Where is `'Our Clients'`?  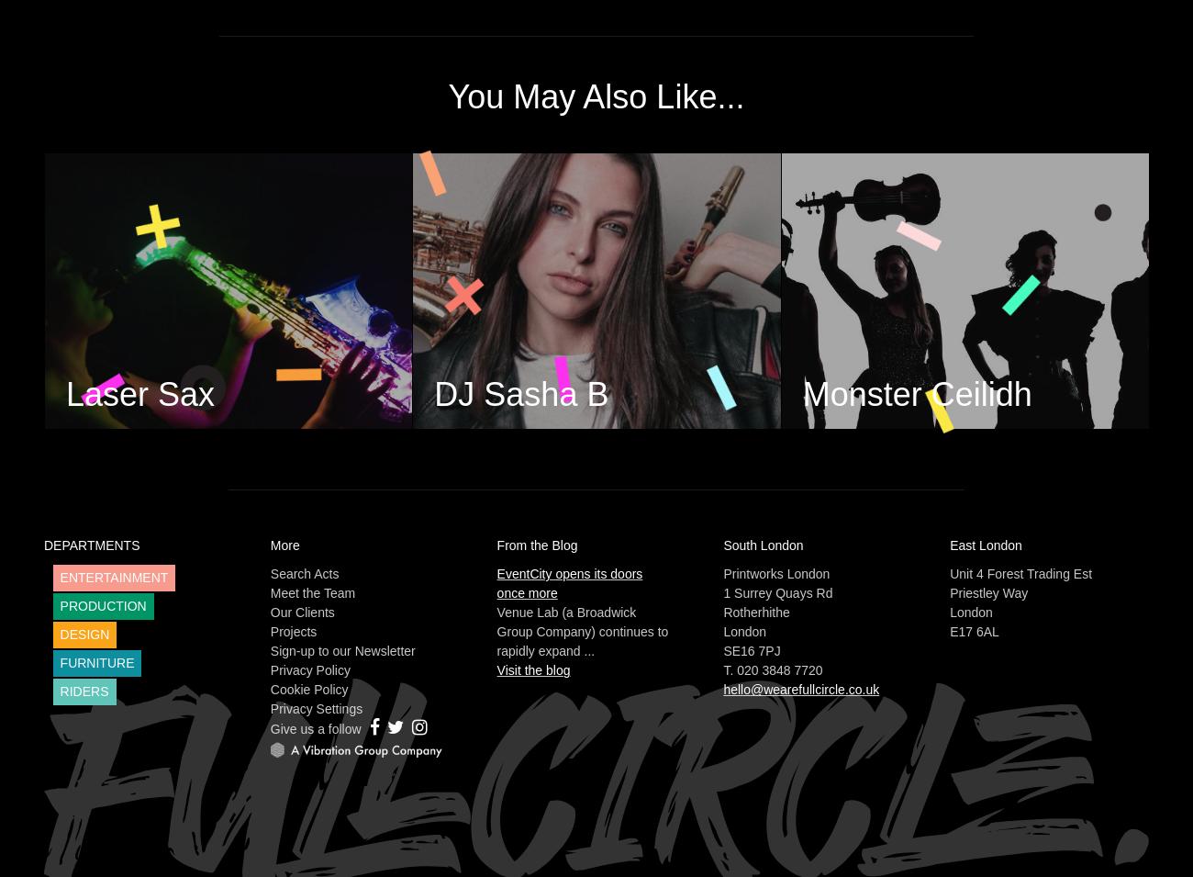
'Our Clients' is located at coordinates (301, 611).